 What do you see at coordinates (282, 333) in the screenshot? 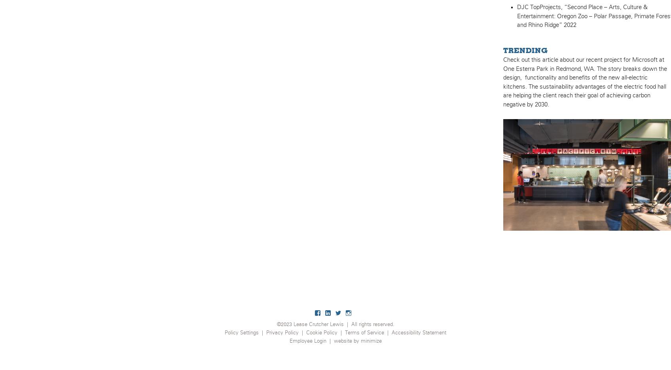
I see `'Privacy Policy'` at bounding box center [282, 333].